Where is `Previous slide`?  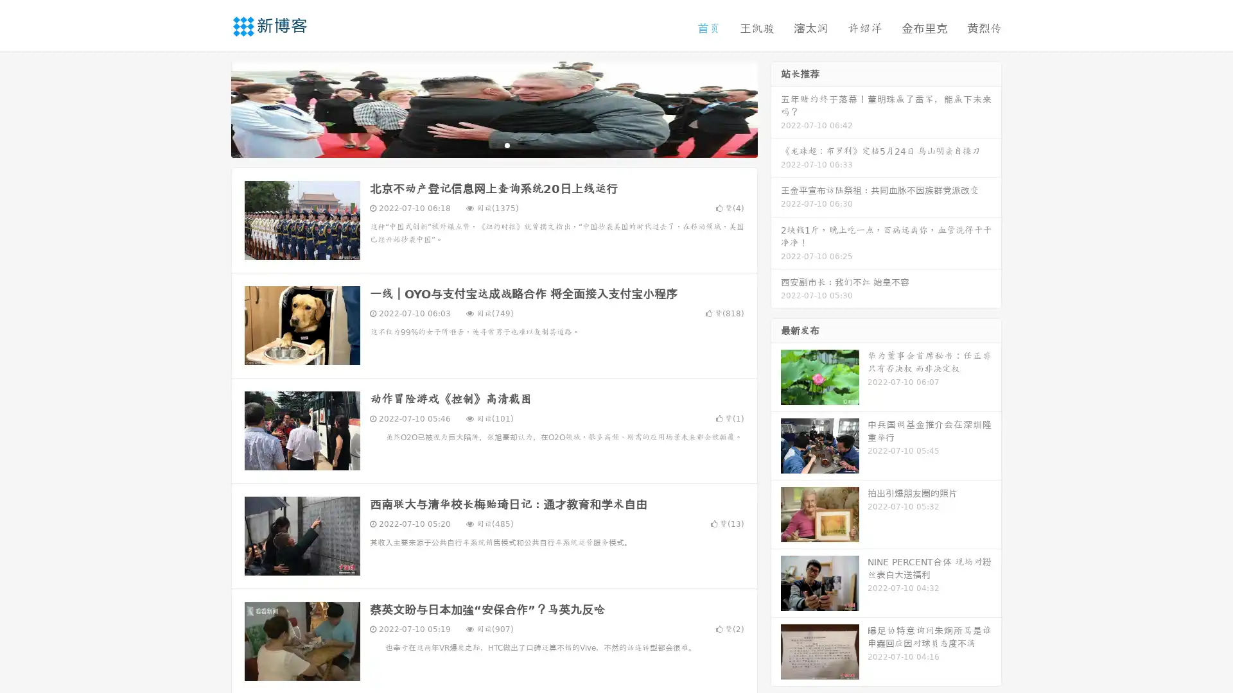
Previous slide is located at coordinates (212, 108).